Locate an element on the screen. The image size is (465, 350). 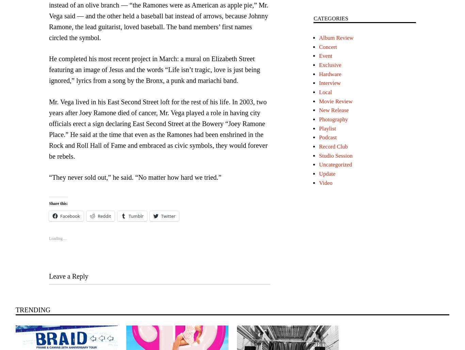
'Update' is located at coordinates (327, 173).